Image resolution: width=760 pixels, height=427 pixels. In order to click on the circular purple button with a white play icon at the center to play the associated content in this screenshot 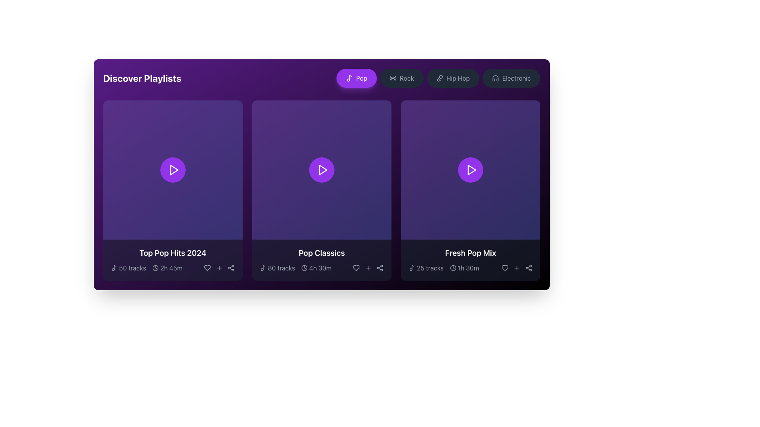, I will do `click(471, 169)`.